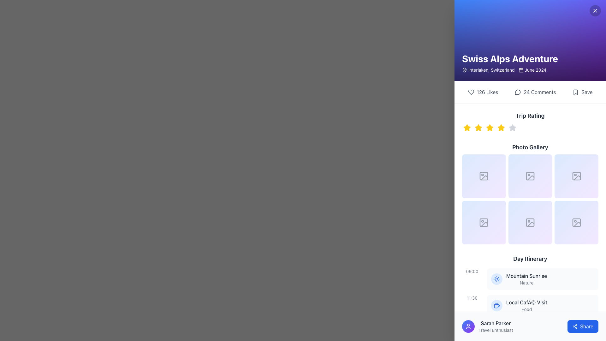 The image size is (606, 341). I want to click on the third star icon in the group of five stars, so click(489, 128).